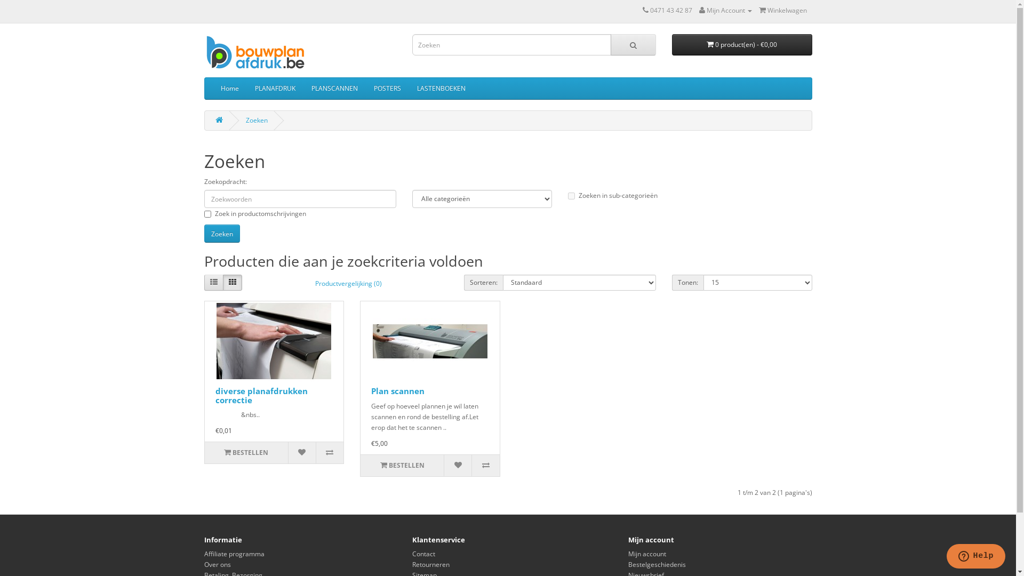 The height and width of the screenshot is (576, 1024). Describe the element at coordinates (975, 557) in the screenshot. I see `'Opens a widget where you can chat to one of our agents'` at that location.